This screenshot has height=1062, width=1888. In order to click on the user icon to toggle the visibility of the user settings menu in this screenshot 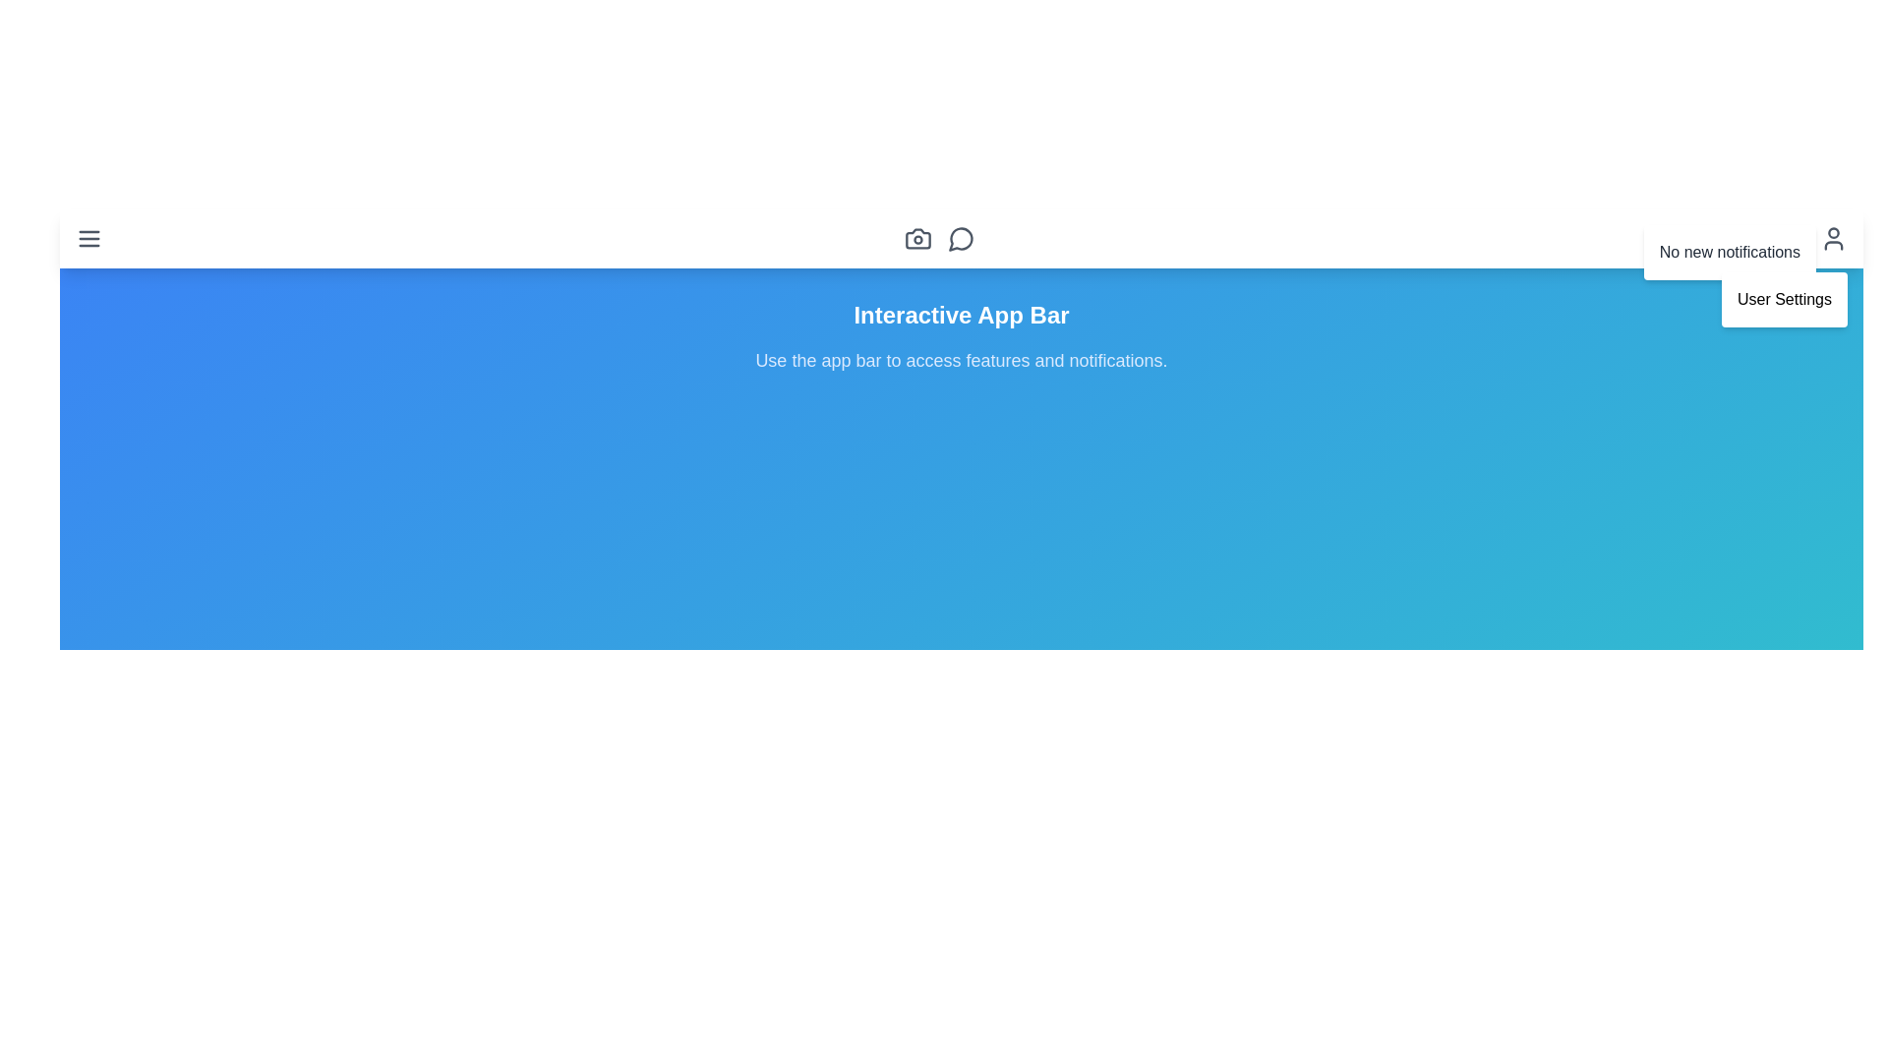, I will do `click(1833, 238)`.